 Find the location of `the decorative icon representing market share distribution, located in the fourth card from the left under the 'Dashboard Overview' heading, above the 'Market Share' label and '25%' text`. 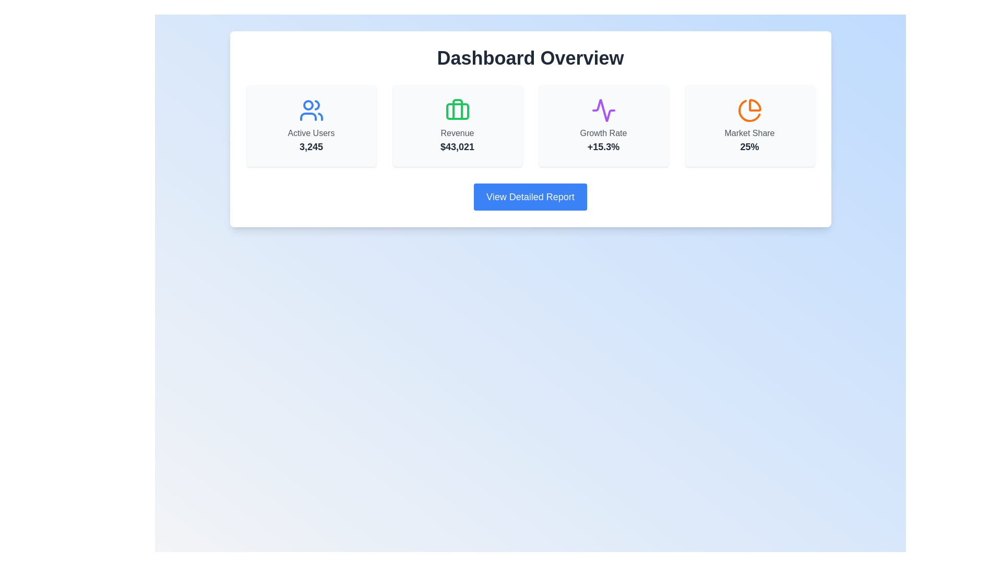

the decorative icon representing market share distribution, located in the fourth card from the left under the 'Dashboard Overview' heading, above the 'Market Share' label and '25%' text is located at coordinates (749, 111).